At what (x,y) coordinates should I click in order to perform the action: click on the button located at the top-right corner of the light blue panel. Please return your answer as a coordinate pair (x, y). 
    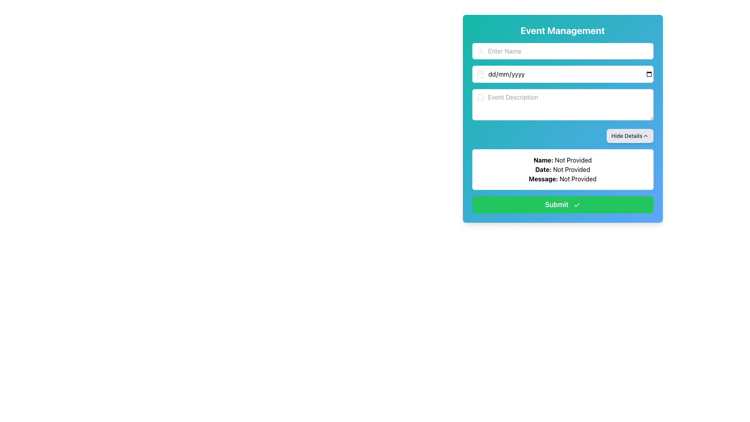
    Looking at the image, I should click on (630, 135).